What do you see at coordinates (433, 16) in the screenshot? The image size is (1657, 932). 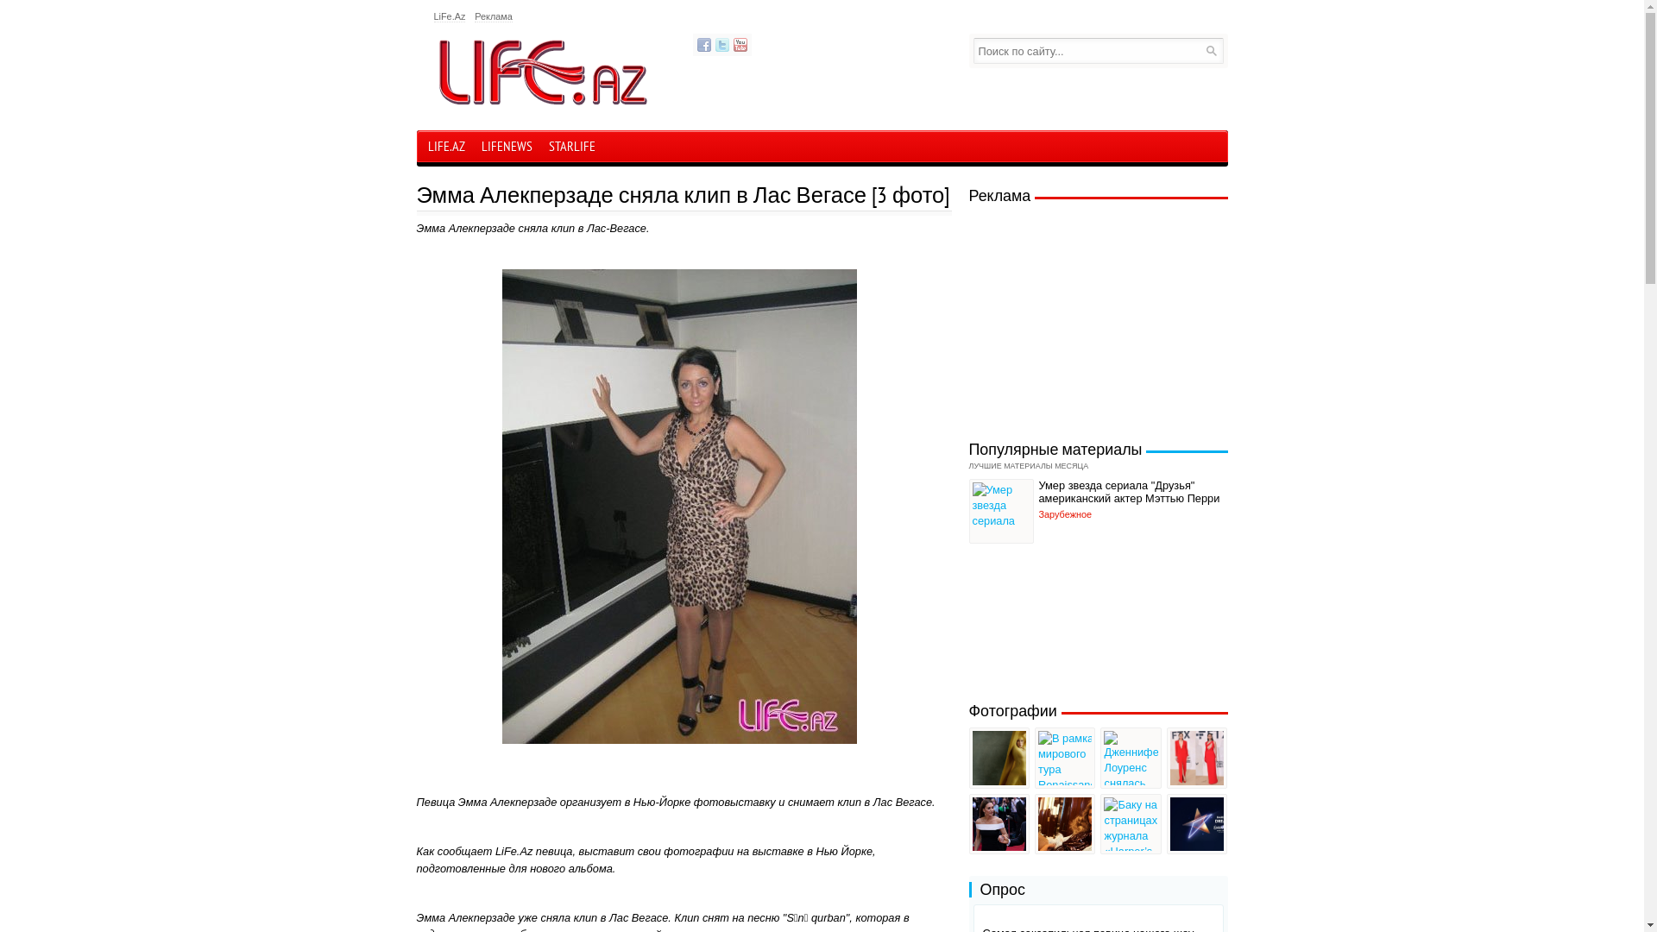 I see `'LiFe.Az'` at bounding box center [433, 16].